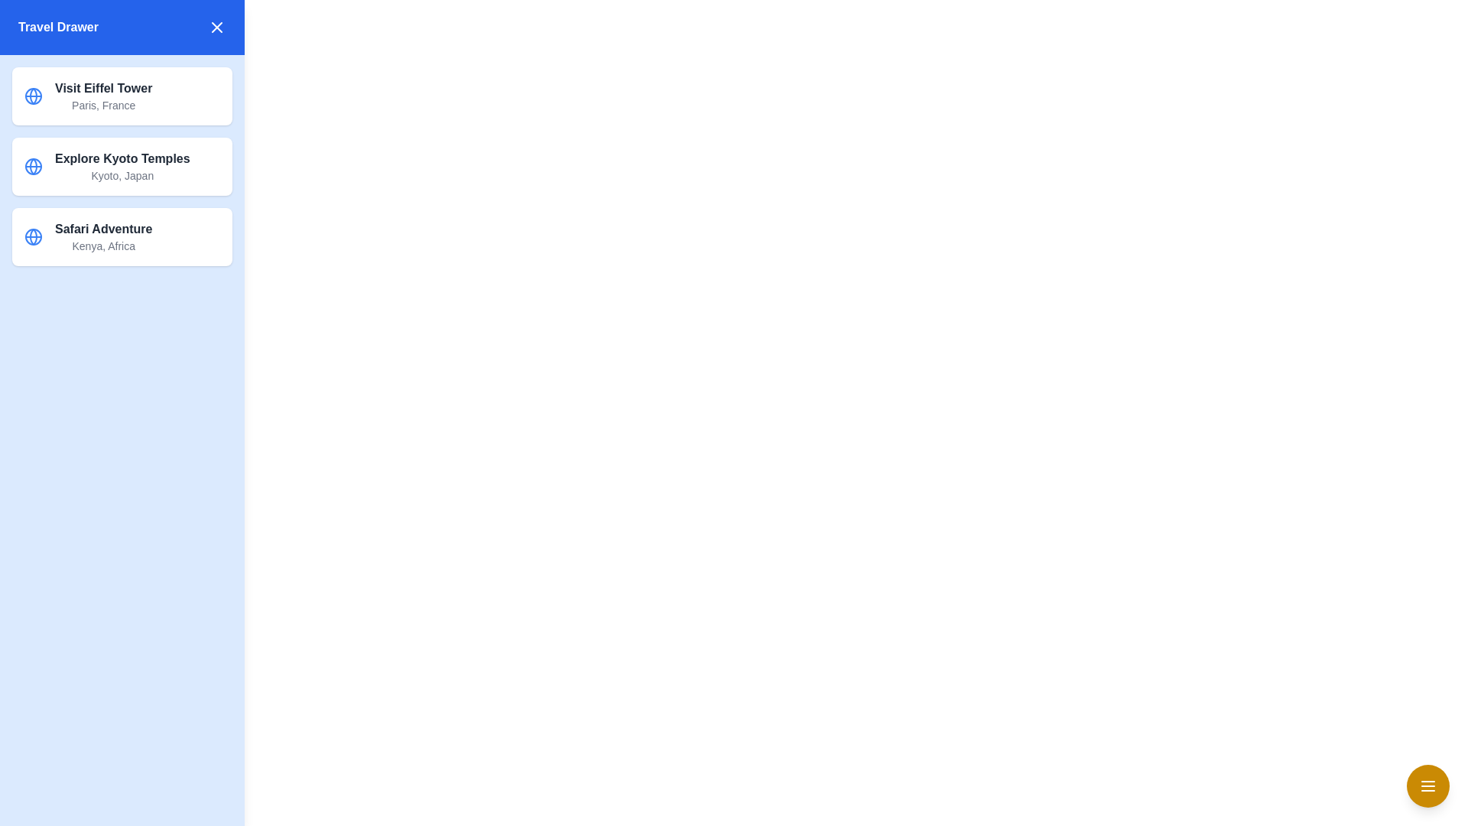  Describe the element at coordinates (33, 167) in the screenshot. I see `the global context icon located to the left of the text 'Explore Kyoto Temples' within the card labeled 'Kyoto, Japan' in the Travel Drawer interface` at that location.